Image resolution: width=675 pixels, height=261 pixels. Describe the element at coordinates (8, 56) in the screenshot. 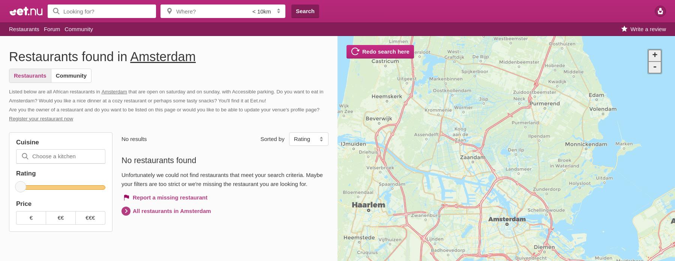

I see `'Restaurants found in'` at that location.